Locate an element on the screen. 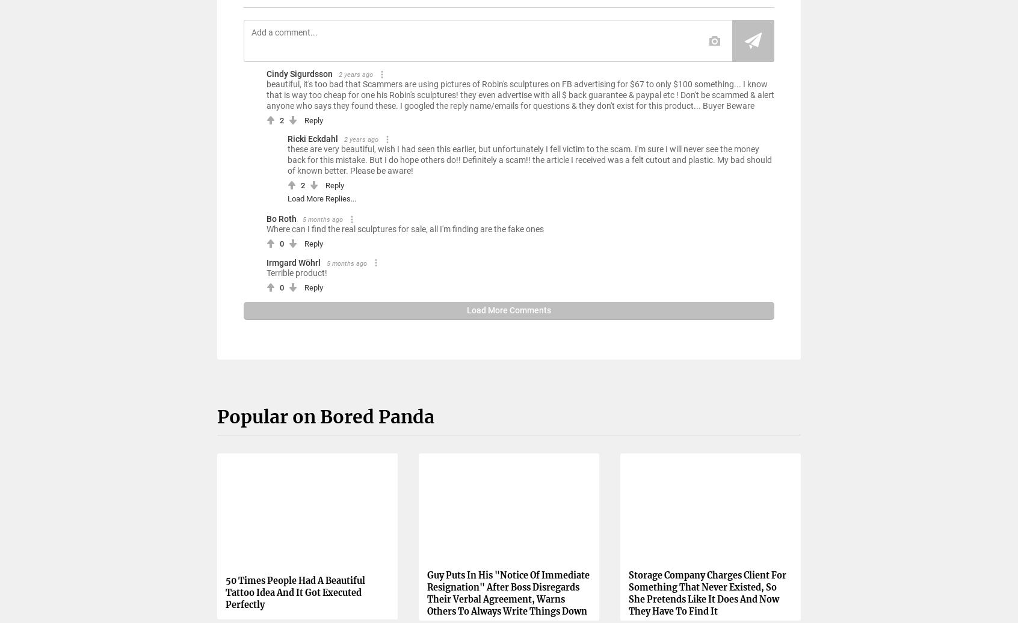 This screenshot has width=1018, height=623. 'Cindy Sigurdsson' is located at coordinates (299, 73).